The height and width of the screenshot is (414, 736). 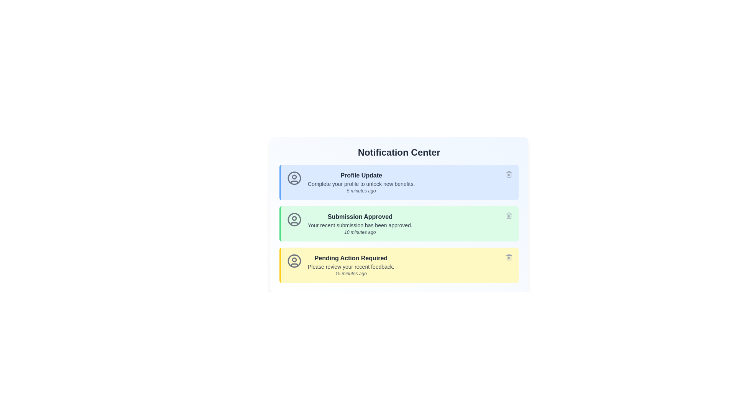 I want to click on information presented in the Notification card that informs the user about the approval of their recent submission, which is the second item in the Notification Center, so click(x=399, y=214).